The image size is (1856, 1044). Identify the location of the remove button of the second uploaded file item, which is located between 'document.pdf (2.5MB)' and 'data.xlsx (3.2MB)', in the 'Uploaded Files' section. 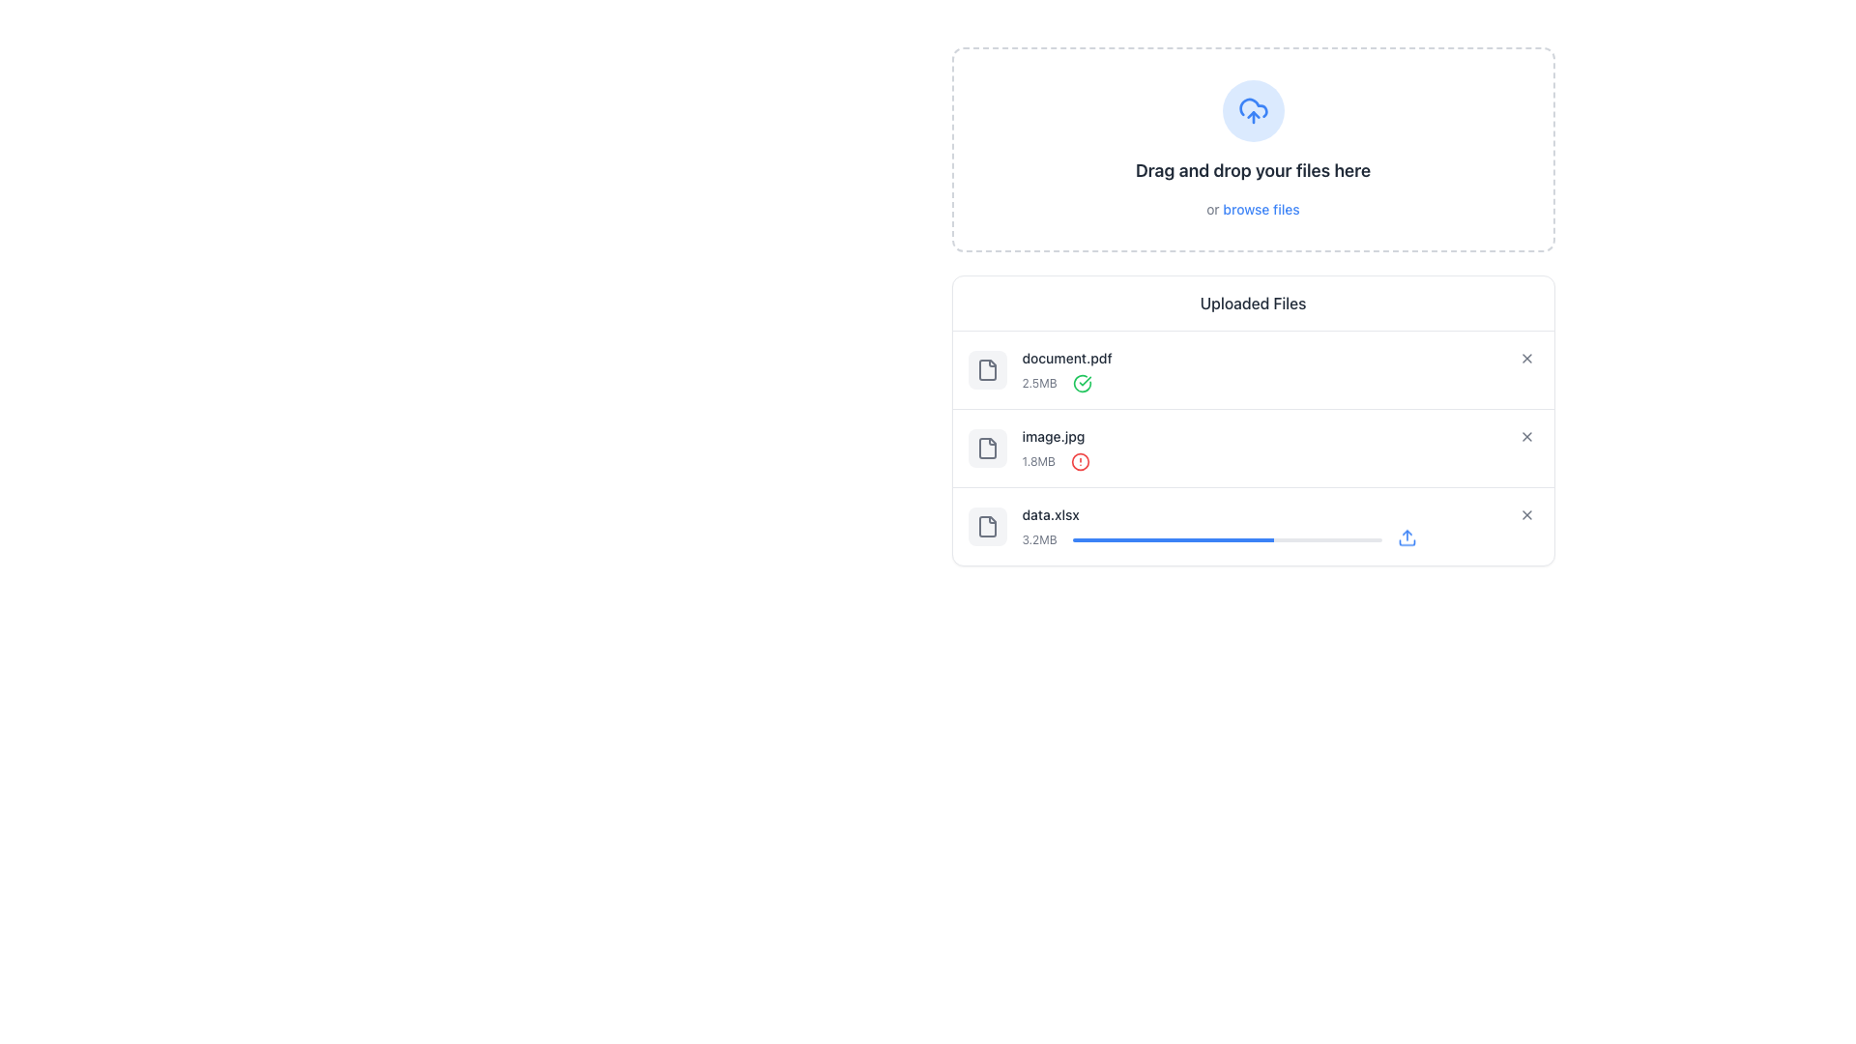
(1253, 448).